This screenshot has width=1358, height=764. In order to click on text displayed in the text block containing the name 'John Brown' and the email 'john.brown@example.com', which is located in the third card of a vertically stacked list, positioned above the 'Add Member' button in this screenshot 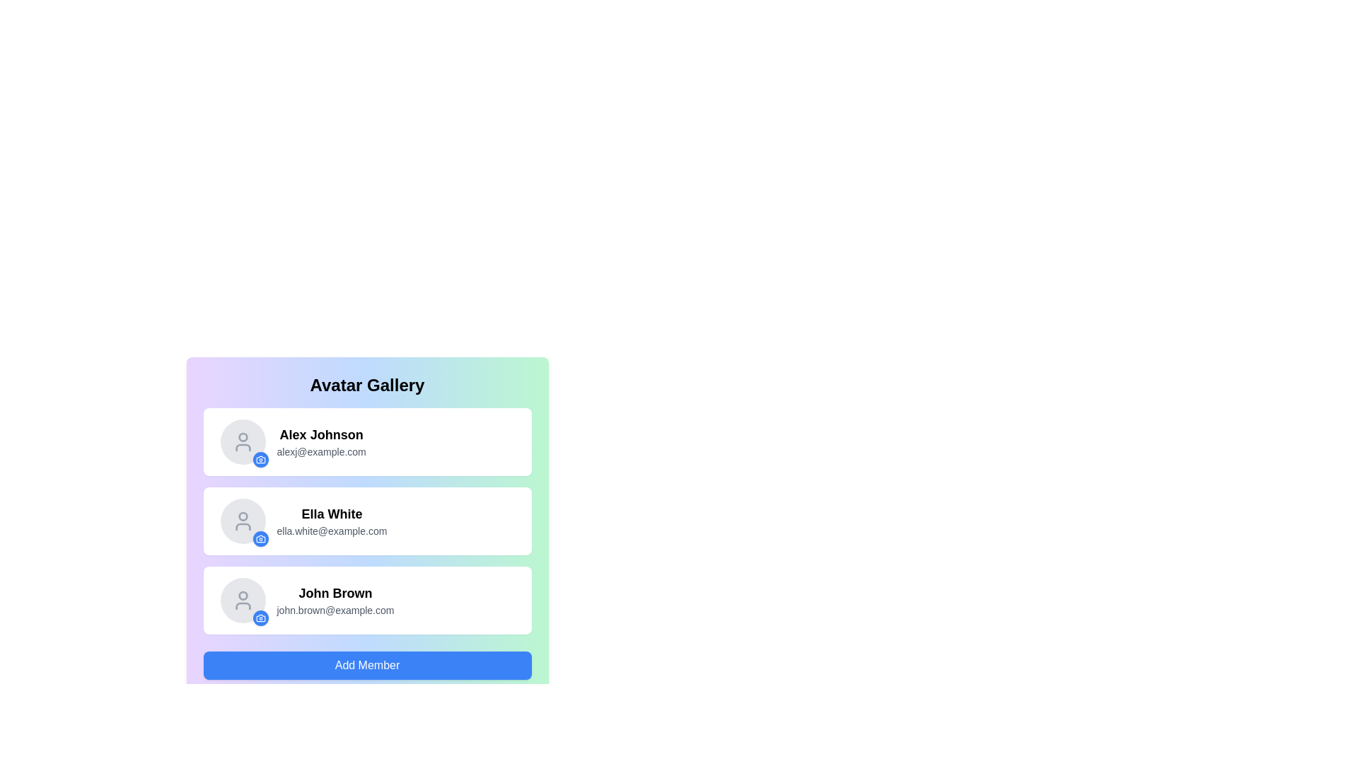, I will do `click(335, 600)`.